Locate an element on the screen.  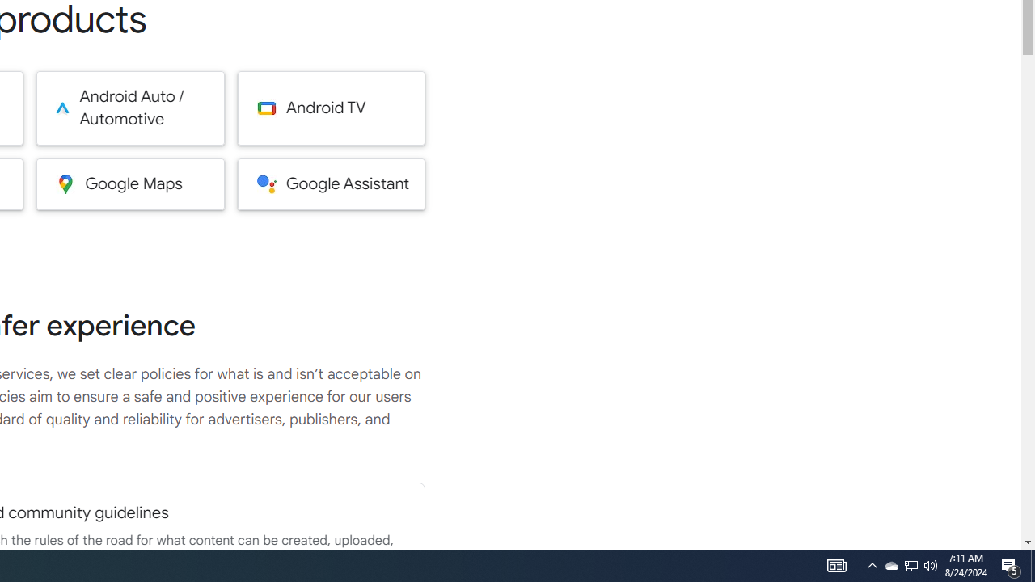
'Android TV' is located at coordinates (331, 108).